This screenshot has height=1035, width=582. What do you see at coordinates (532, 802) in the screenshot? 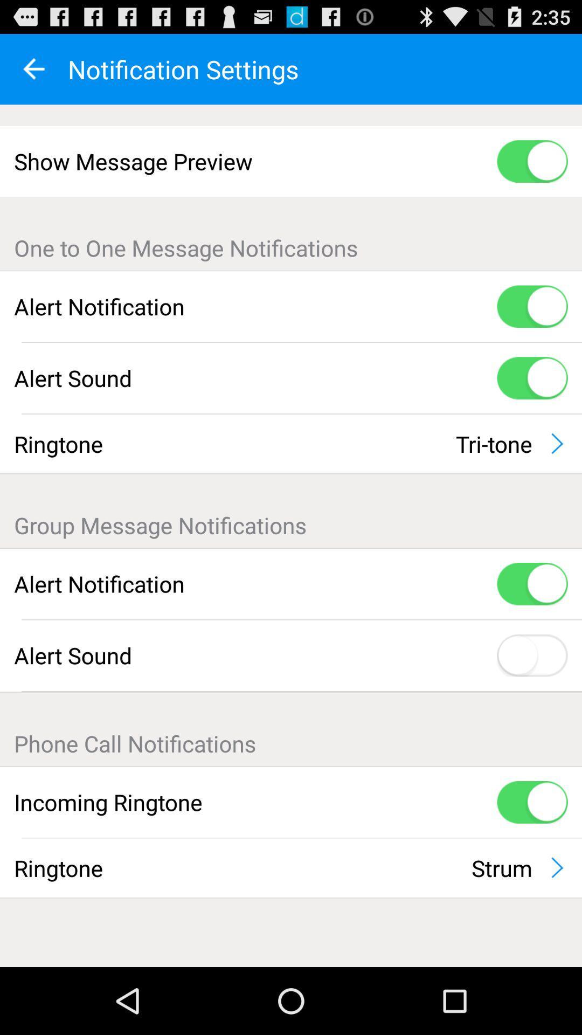
I see `the icon next to incoming ringtone` at bounding box center [532, 802].